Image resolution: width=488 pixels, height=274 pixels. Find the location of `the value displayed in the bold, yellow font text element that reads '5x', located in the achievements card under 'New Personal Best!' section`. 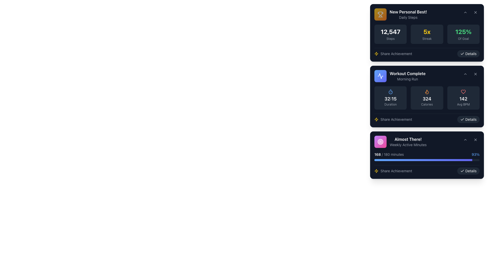

the value displayed in the bold, yellow font text element that reads '5x', located in the achievements card under 'New Personal Best!' section is located at coordinates (427, 31).